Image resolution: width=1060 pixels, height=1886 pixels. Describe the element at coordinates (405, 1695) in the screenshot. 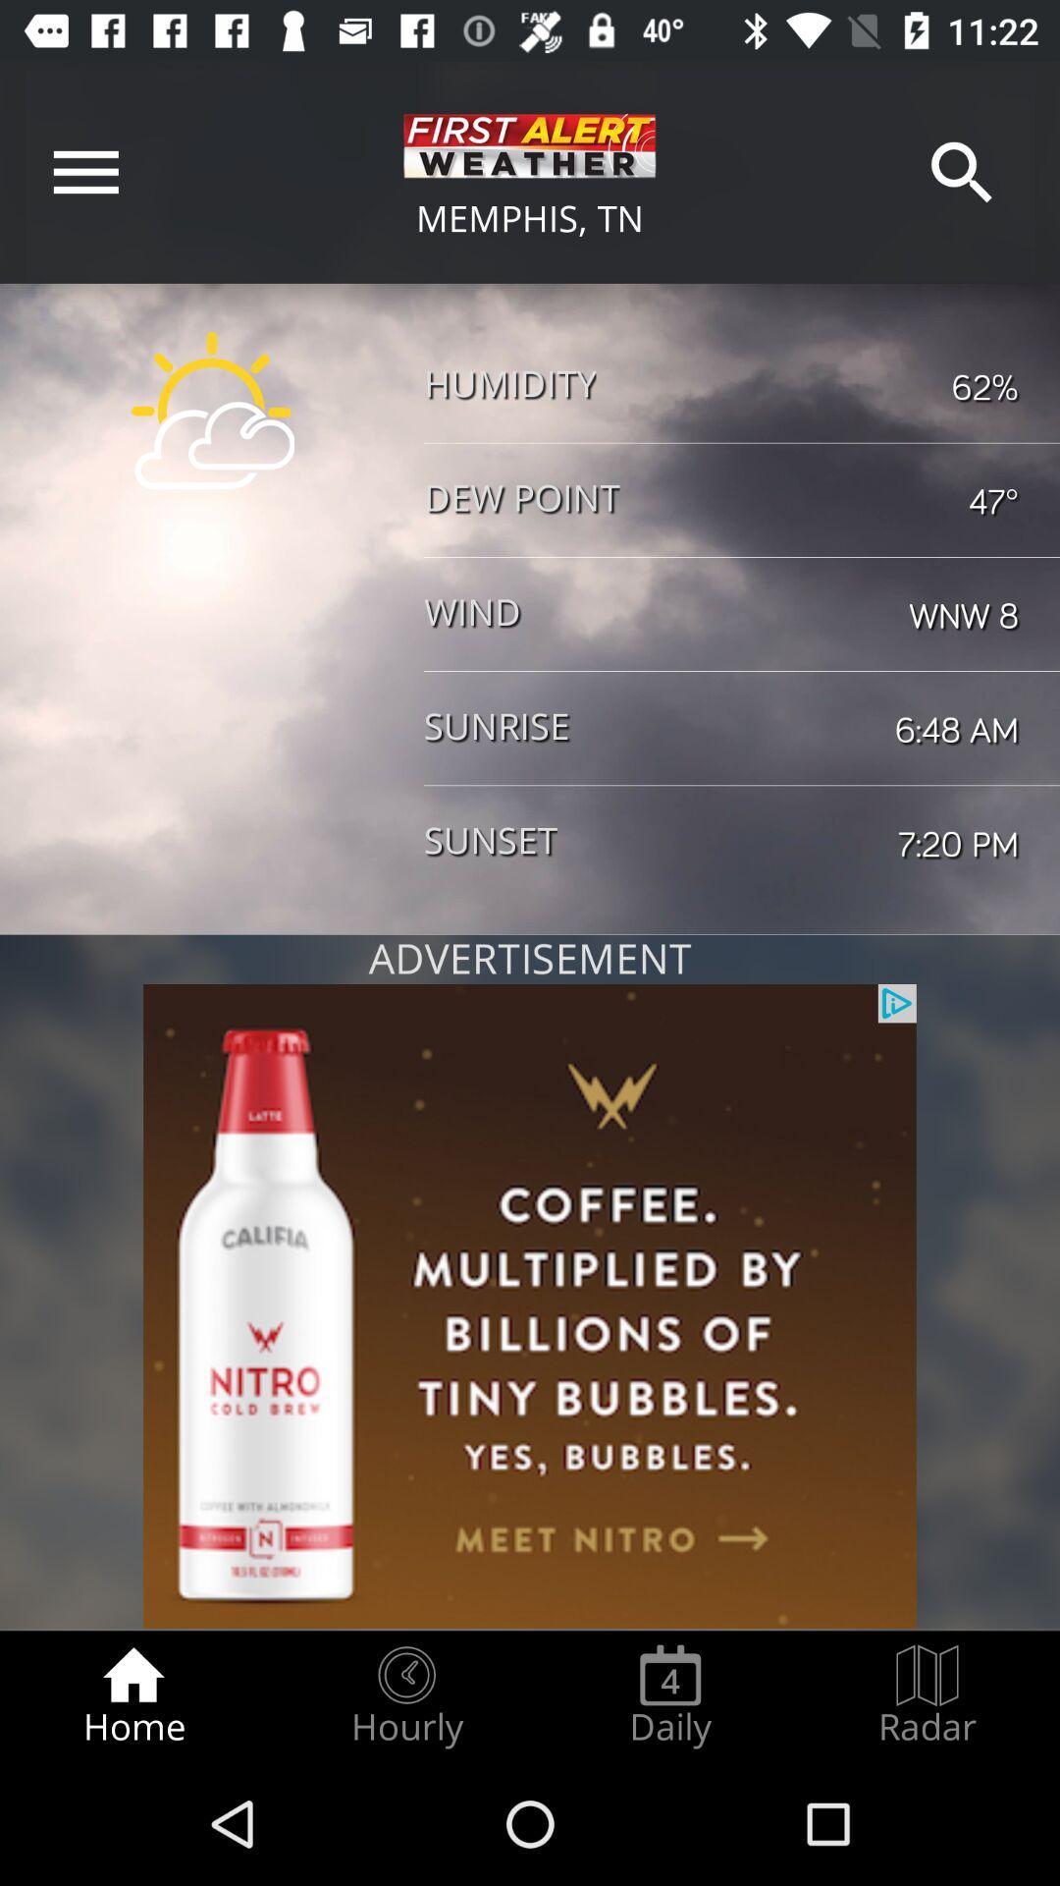

I see `the radio button to the right of home` at that location.